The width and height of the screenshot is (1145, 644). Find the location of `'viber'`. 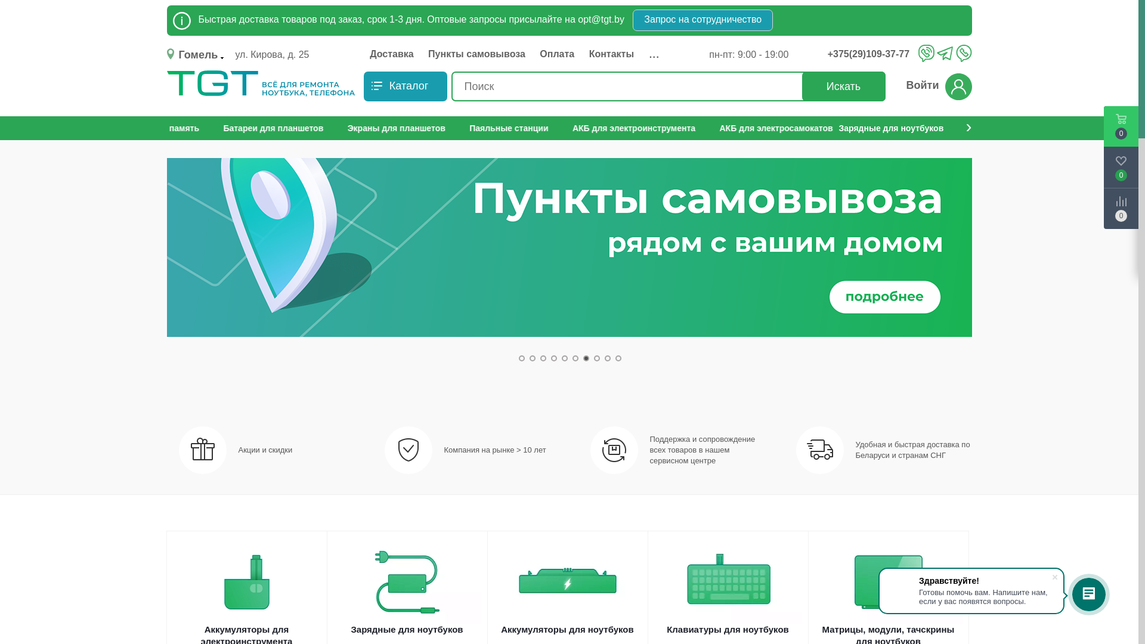

'viber' is located at coordinates (918, 52).